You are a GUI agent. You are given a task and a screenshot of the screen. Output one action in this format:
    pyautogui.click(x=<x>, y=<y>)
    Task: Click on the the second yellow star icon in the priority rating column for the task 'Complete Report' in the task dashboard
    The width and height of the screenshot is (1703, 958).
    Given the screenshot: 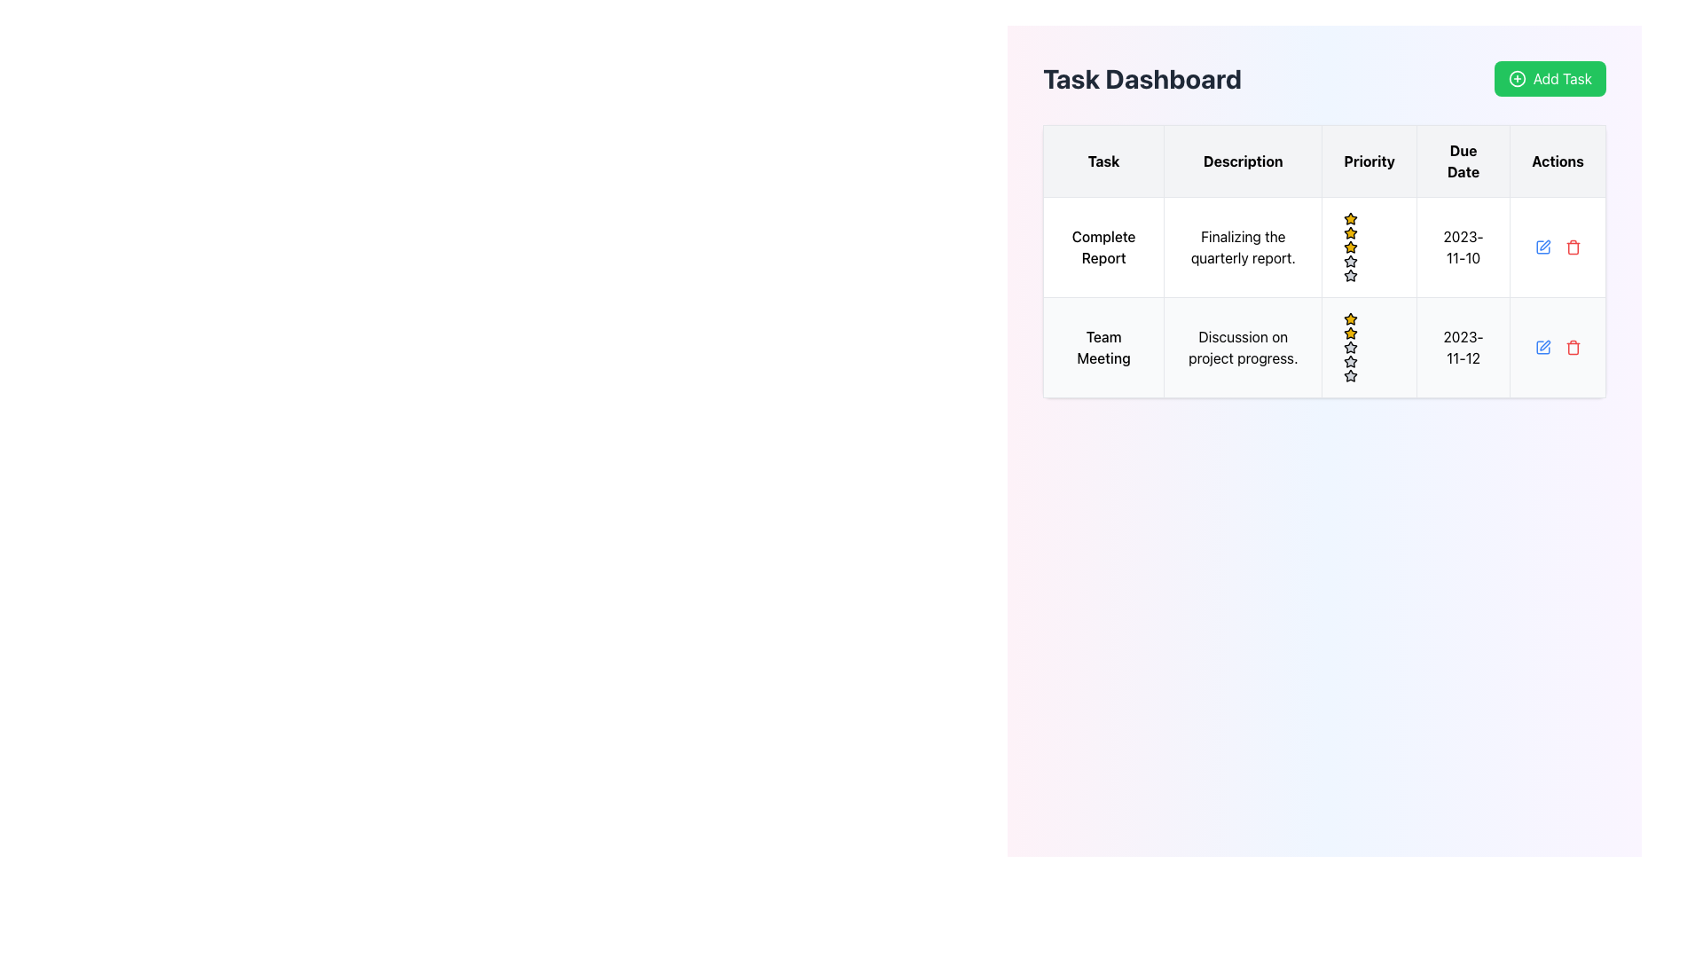 What is the action you would take?
    pyautogui.click(x=1350, y=247)
    